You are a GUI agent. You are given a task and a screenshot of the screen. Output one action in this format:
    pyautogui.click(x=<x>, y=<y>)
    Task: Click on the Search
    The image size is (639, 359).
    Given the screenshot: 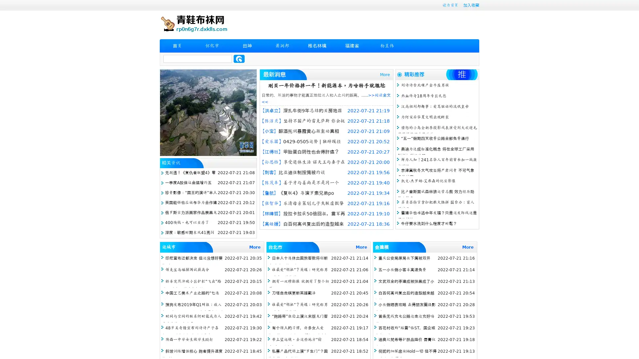 What is the action you would take?
    pyautogui.click(x=239, y=59)
    